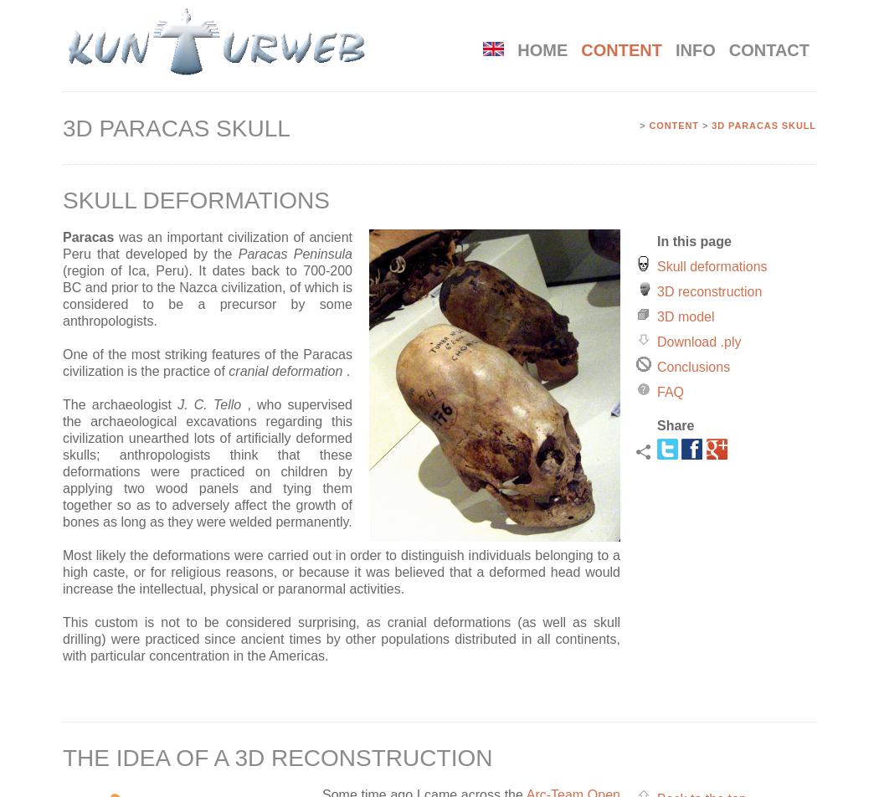  Describe the element at coordinates (342, 638) in the screenshot. I see `'This custom is not to be considered surprising, as
		cranial deformations (as well as skull drilling)
		were practiced since ancient times by other
		populations distributed in all continents, with particular
		concentration in the Americas.'` at that location.